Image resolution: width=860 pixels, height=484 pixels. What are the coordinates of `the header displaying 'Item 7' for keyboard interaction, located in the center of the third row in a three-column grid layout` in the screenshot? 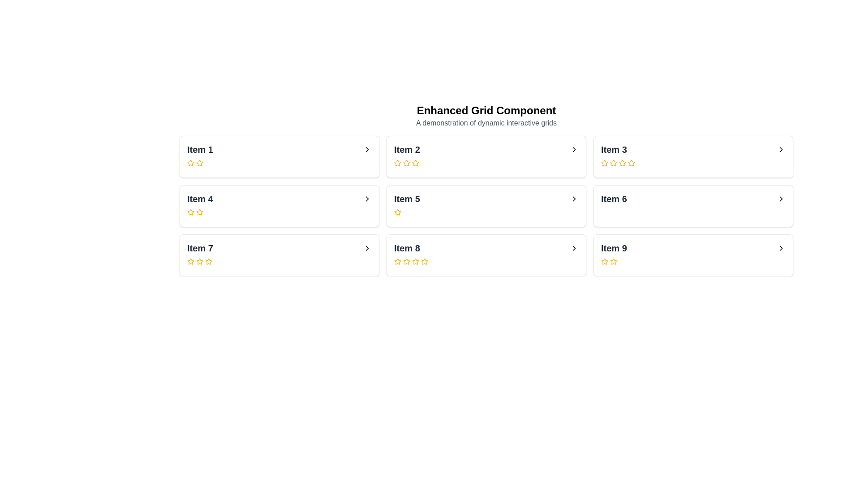 It's located at (279, 248).